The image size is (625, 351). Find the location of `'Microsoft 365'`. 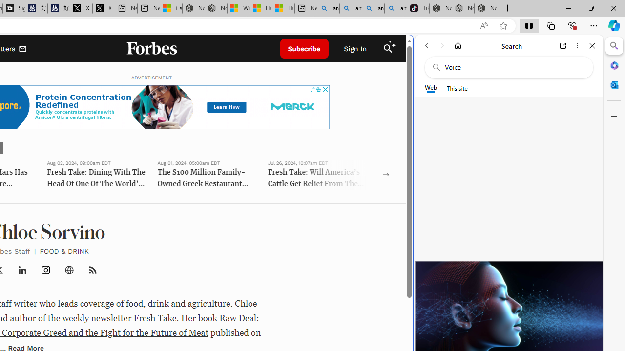

'Microsoft 365' is located at coordinates (614, 65).